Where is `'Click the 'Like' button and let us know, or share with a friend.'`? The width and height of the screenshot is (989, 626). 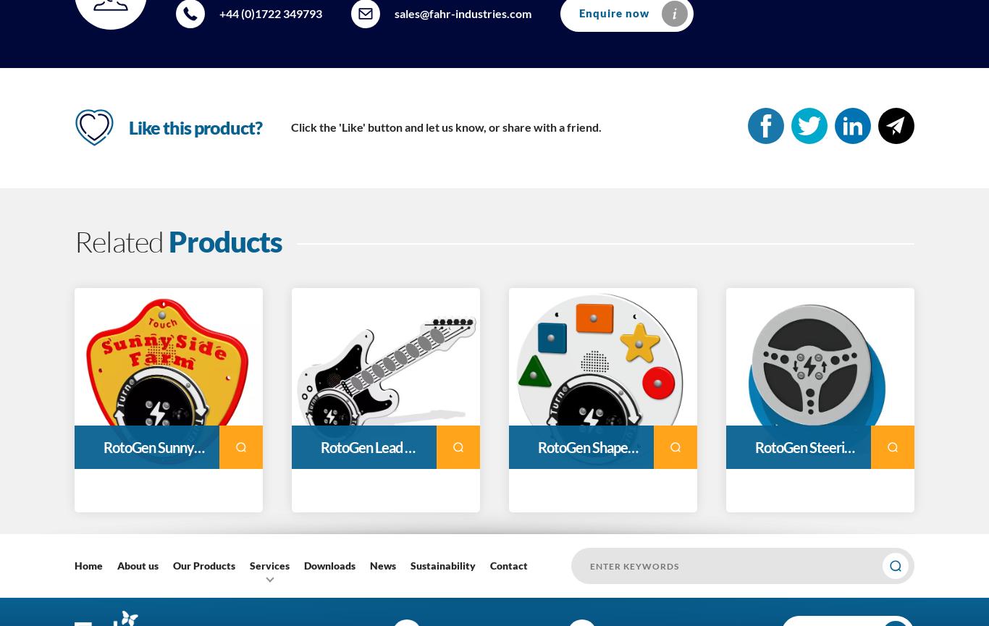
'Click the 'Like' button and let us know, or share with a friend.' is located at coordinates (445, 126).